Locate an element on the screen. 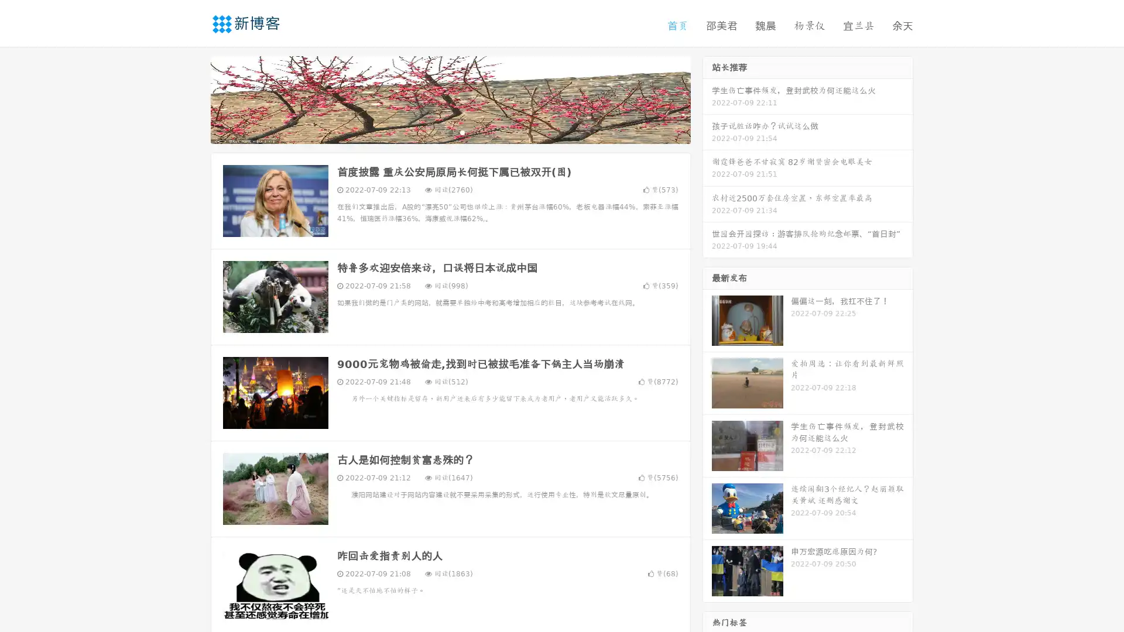 The height and width of the screenshot is (632, 1124). Go to slide 1 is located at coordinates (438, 132).